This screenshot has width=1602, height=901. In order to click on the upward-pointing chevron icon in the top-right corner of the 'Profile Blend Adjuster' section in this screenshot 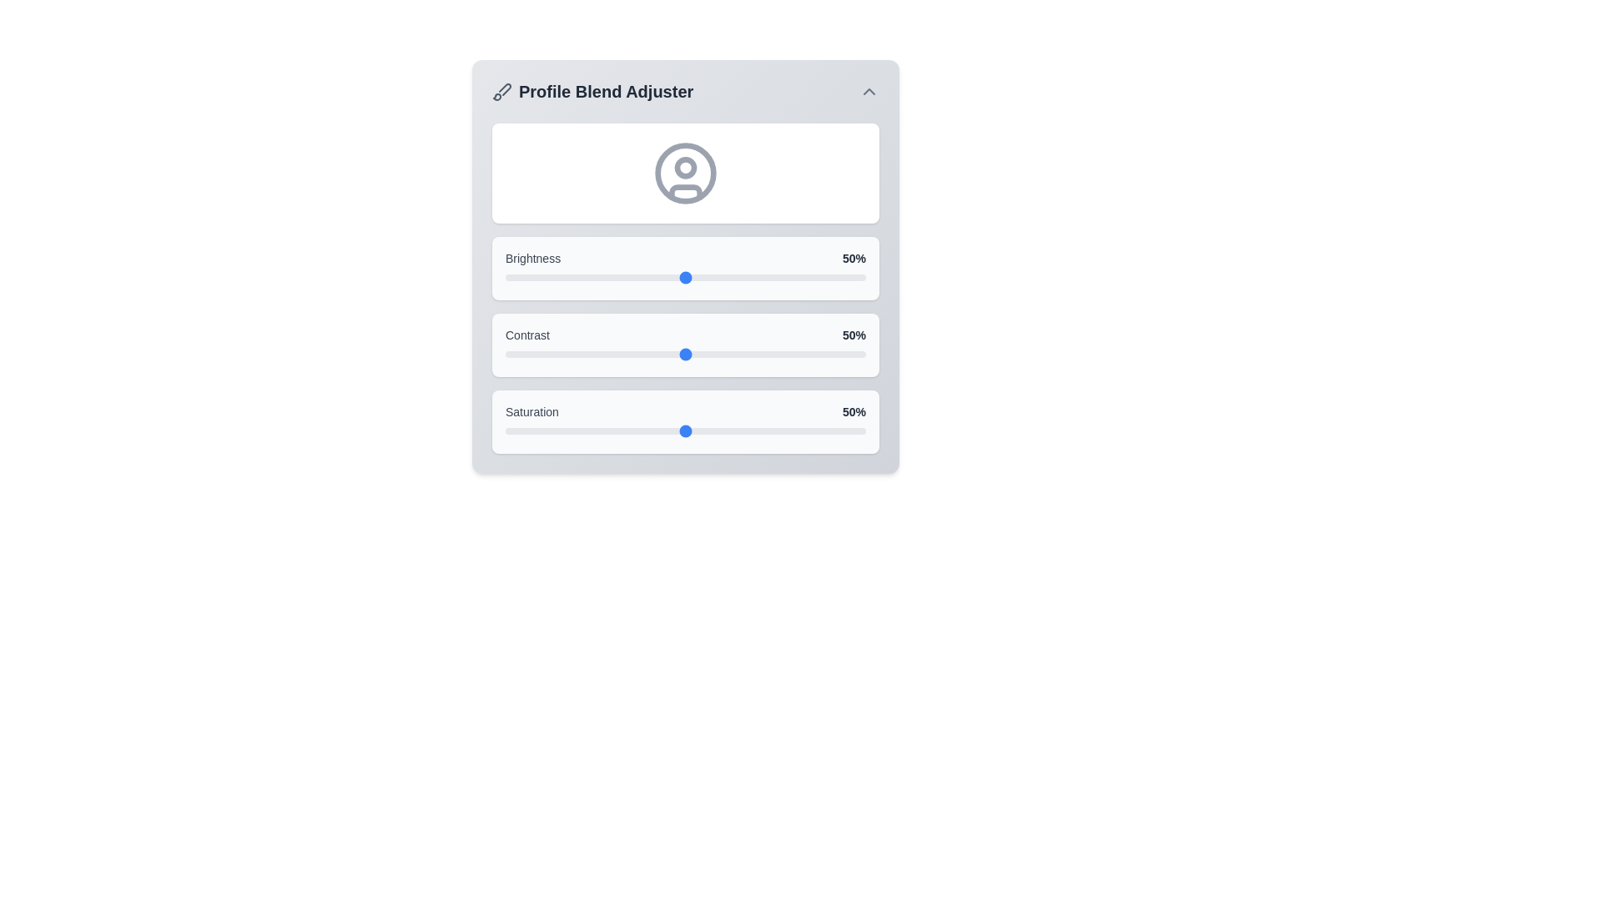, I will do `click(868, 92)`.